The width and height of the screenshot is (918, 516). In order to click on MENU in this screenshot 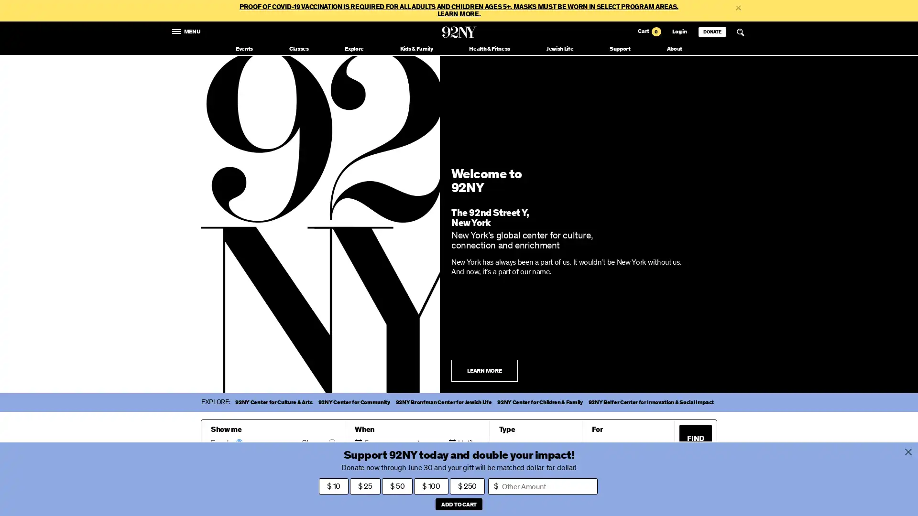, I will do `click(186, 31)`.